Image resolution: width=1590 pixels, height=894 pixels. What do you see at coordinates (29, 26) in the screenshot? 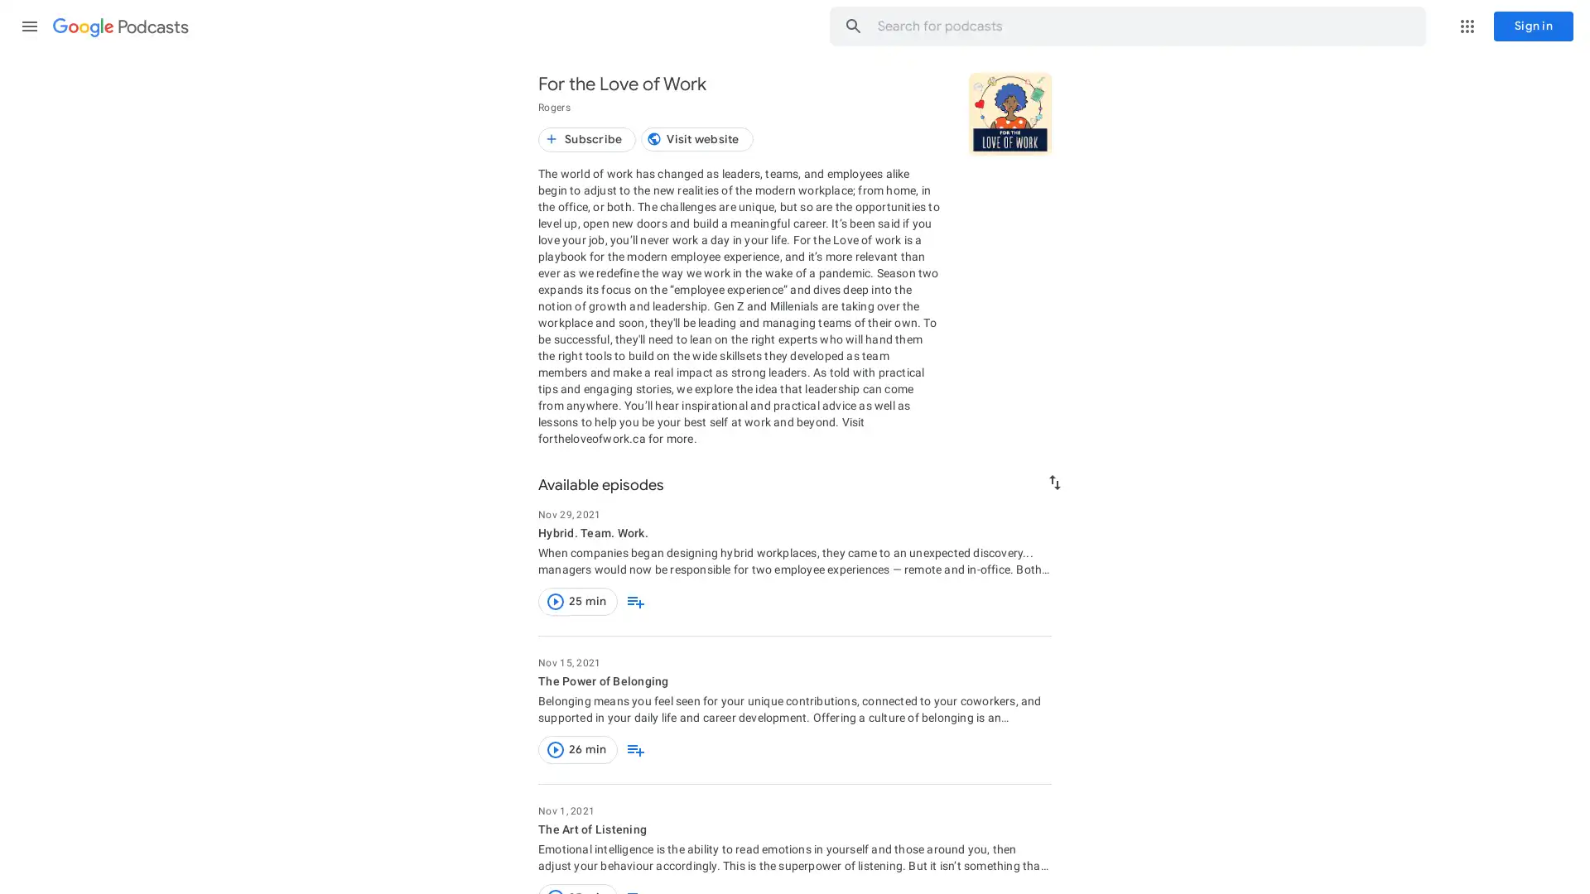
I see `Main menu` at bounding box center [29, 26].